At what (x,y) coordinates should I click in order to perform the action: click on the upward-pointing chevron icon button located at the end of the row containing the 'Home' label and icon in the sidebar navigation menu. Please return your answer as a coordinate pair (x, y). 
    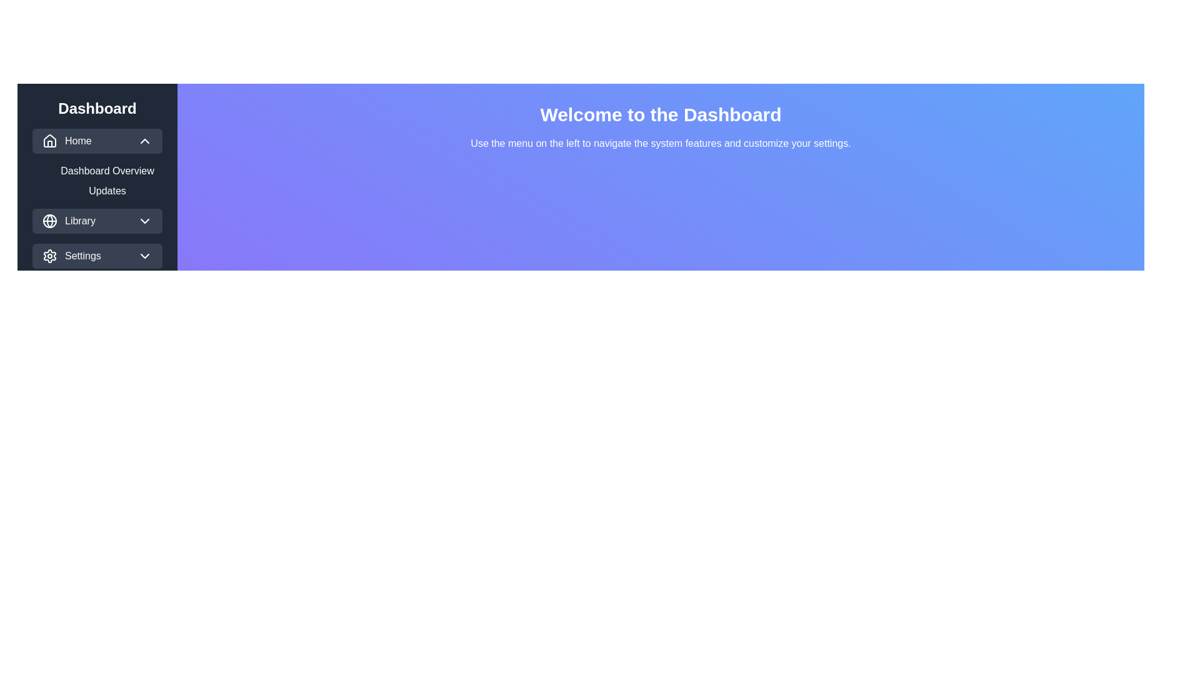
    Looking at the image, I should click on (144, 141).